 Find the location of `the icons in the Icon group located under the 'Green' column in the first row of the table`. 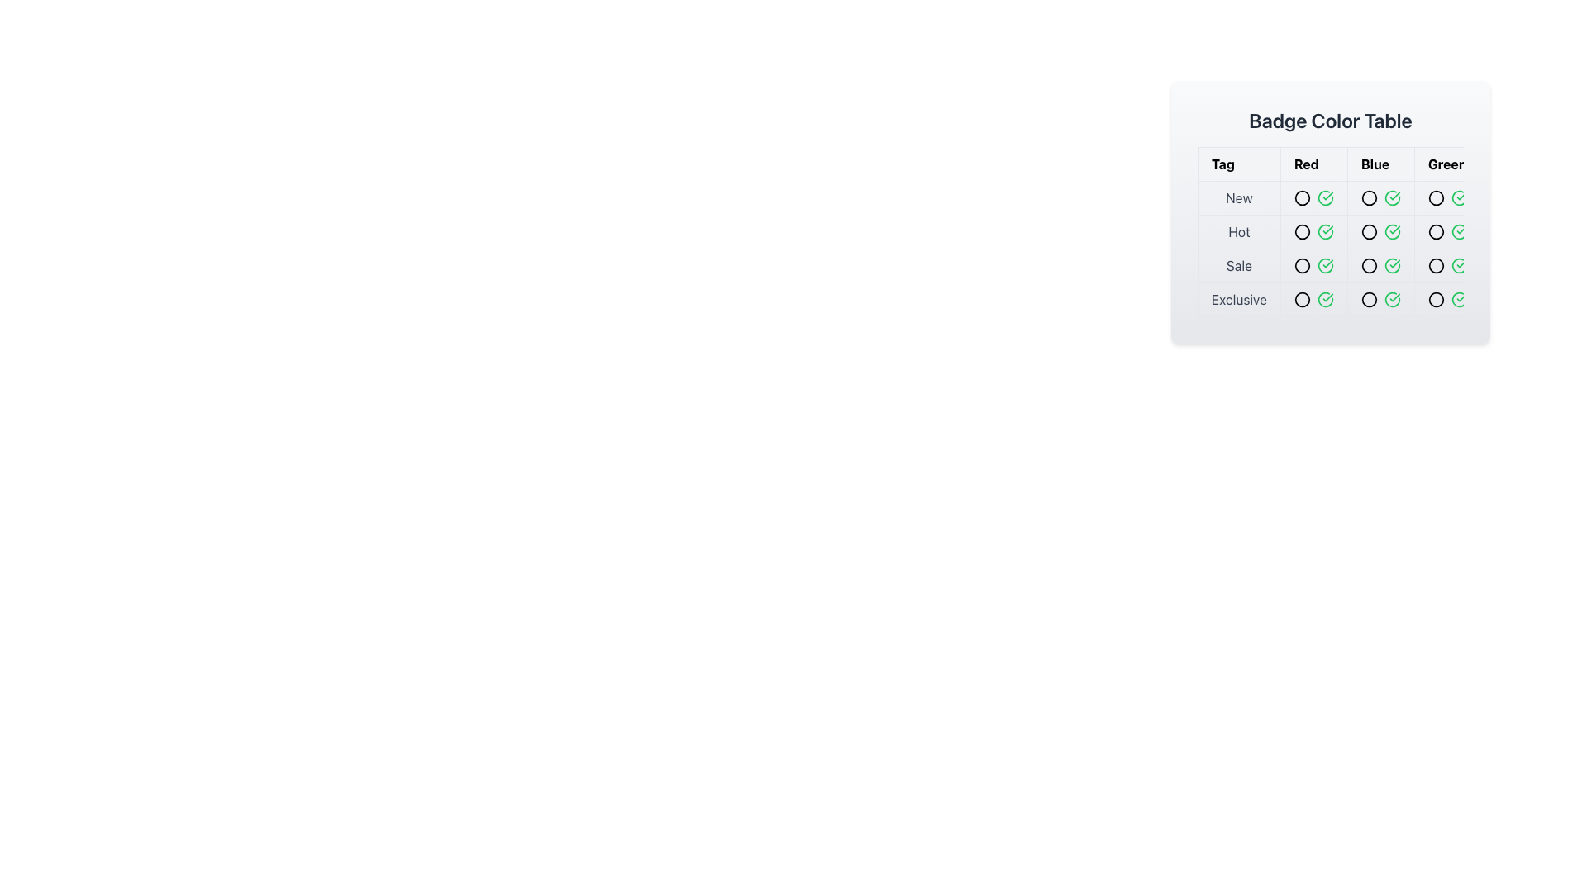

the icons in the Icon group located under the 'Green' column in the first row of the table is located at coordinates (1446, 197).